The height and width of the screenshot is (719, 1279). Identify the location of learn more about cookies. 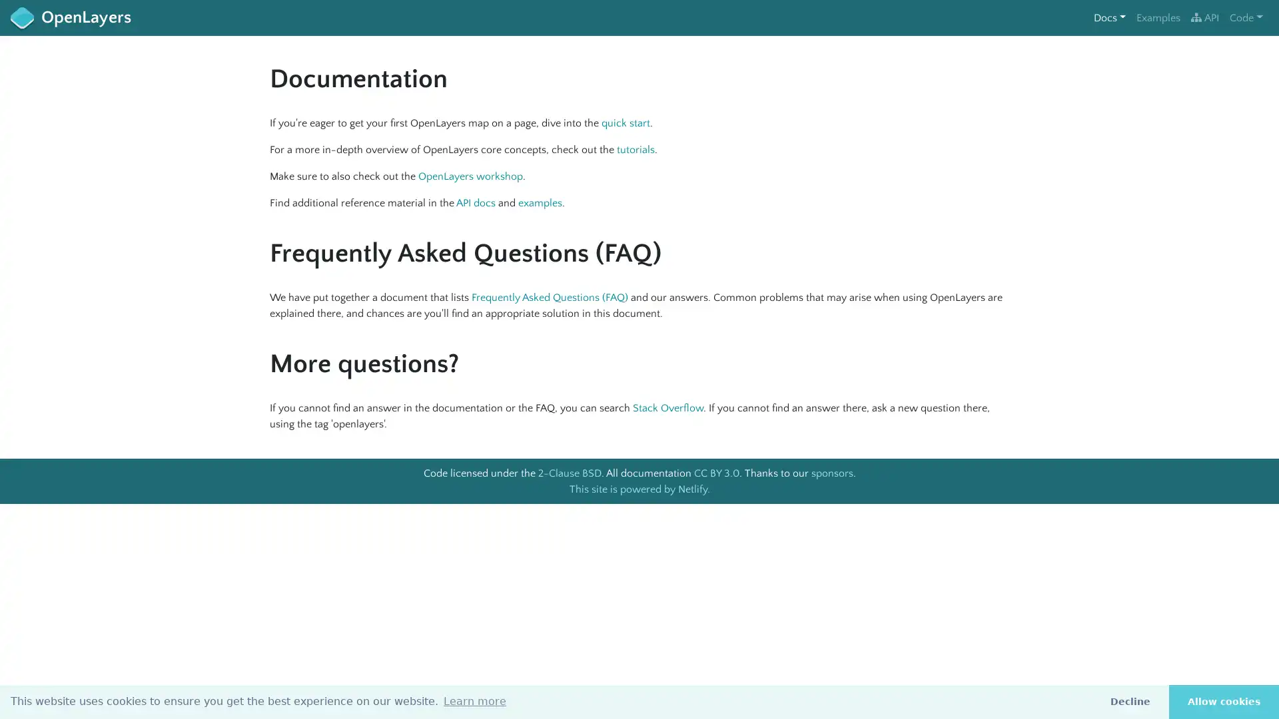
(475, 700).